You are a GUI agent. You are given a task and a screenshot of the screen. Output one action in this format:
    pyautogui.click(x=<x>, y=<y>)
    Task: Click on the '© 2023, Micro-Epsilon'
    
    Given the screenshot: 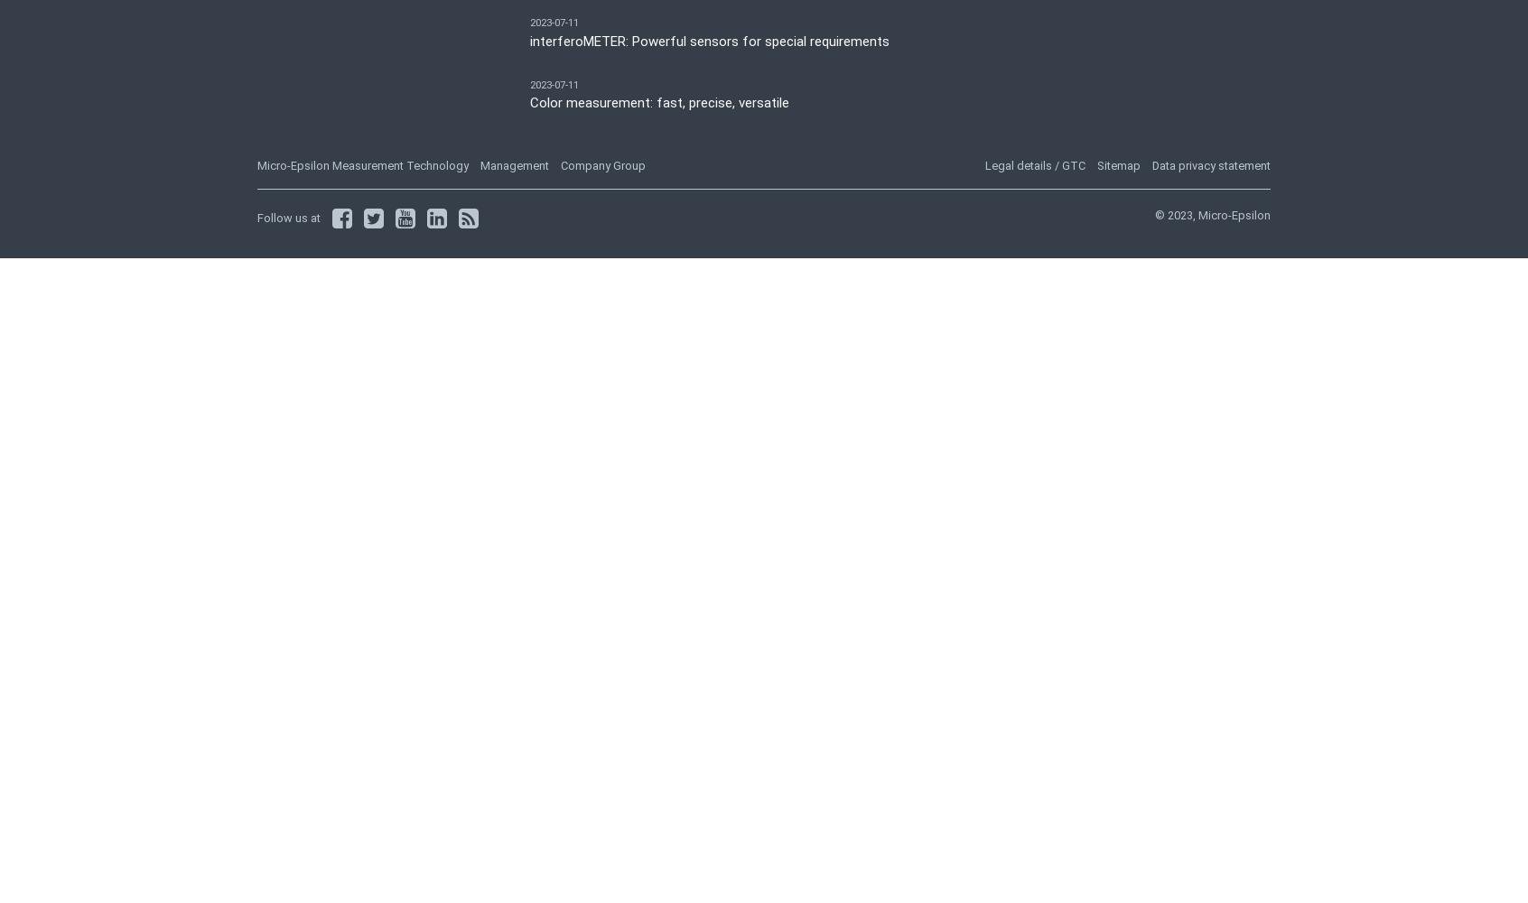 What is the action you would take?
    pyautogui.click(x=1212, y=213)
    